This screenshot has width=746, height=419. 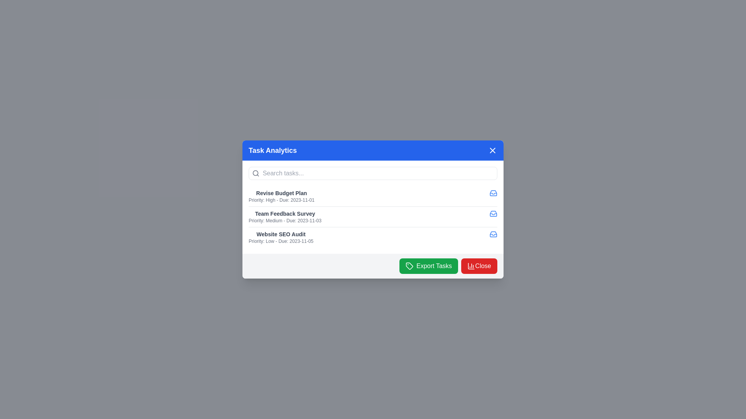 What do you see at coordinates (284, 217) in the screenshot?
I see `the 'Team Feedback Survey' list item in the Task Analytics section` at bounding box center [284, 217].